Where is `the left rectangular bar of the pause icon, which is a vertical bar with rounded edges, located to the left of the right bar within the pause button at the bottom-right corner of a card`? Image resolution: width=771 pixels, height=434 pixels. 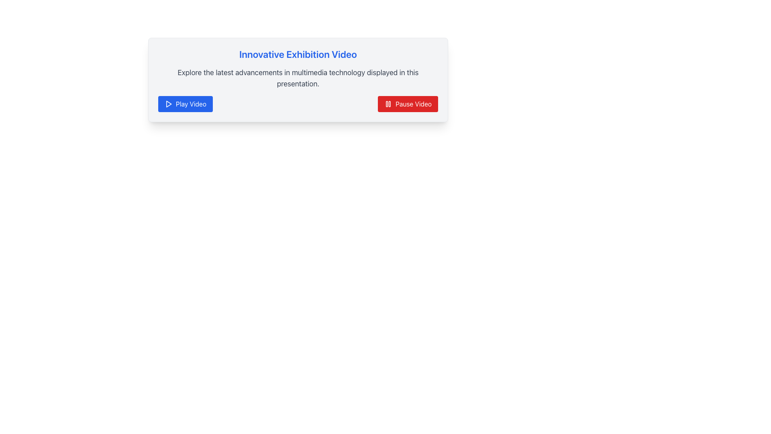
the left rectangular bar of the pause icon, which is a vertical bar with rounded edges, located to the left of the right bar within the pause button at the bottom-right corner of a card is located at coordinates (387, 103).